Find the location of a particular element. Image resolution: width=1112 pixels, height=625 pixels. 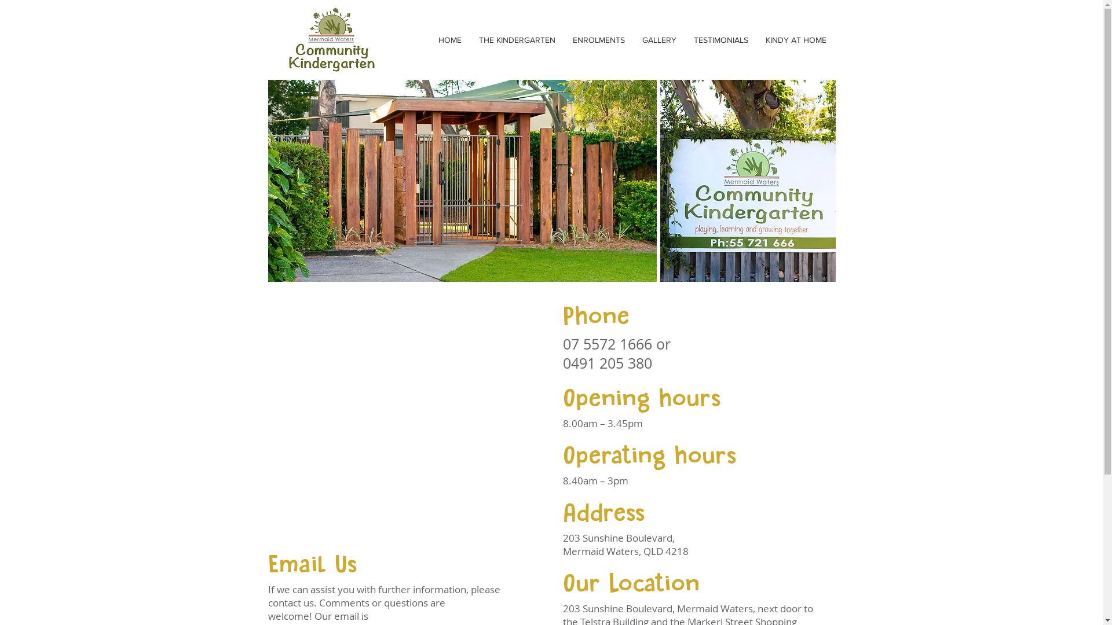

'GALLERY' is located at coordinates (659, 39).